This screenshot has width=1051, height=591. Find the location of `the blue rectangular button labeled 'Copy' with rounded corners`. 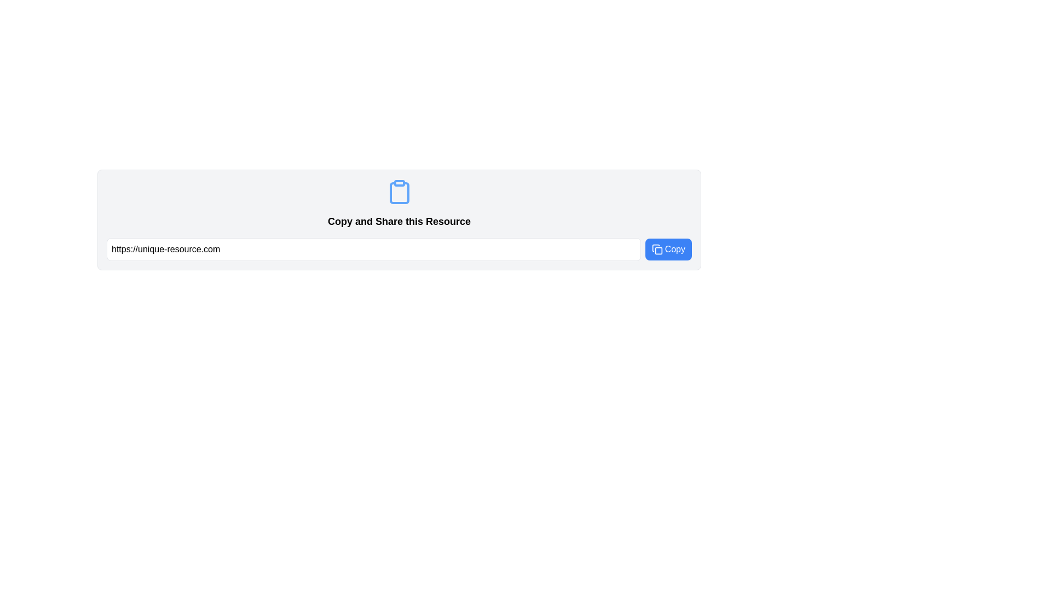

the blue rectangular button labeled 'Copy' with rounded corners is located at coordinates (668, 249).